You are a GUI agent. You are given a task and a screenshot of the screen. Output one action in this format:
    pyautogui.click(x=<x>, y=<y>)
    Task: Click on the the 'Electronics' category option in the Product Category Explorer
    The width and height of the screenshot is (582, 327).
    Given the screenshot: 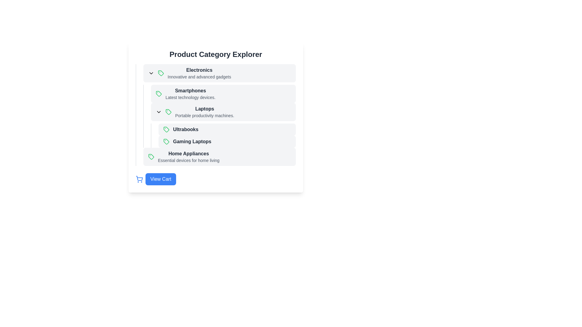 What is the action you would take?
    pyautogui.click(x=199, y=73)
    